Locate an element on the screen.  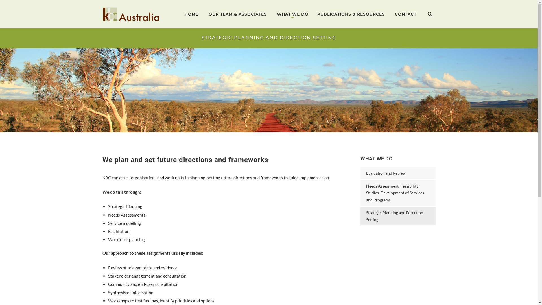
'KBC Australia' is located at coordinates (130, 14).